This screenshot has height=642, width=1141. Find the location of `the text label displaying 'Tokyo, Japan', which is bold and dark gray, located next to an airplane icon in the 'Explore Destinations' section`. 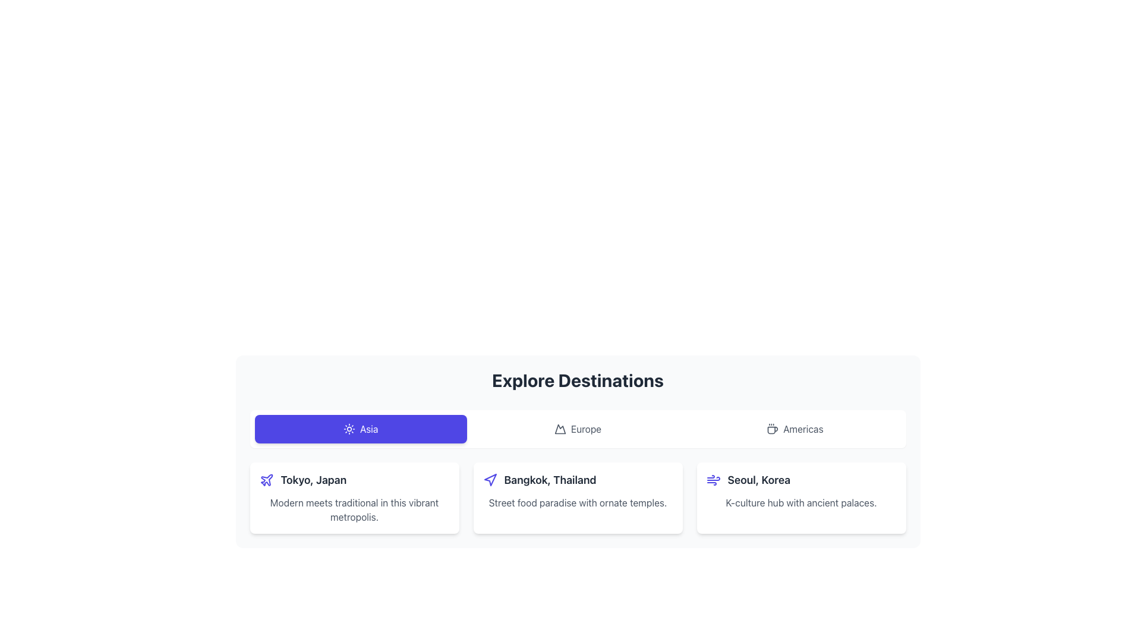

the text label displaying 'Tokyo, Japan', which is bold and dark gray, located next to an airplane icon in the 'Explore Destinations' section is located at coordinates (313, 479).